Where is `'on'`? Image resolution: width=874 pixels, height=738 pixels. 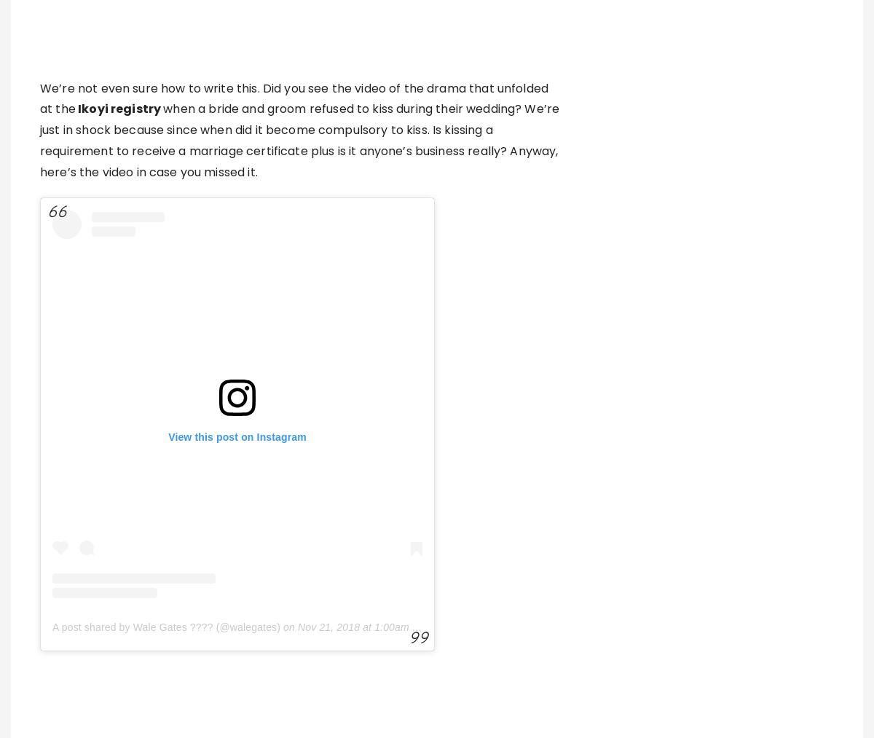
'on' is located at coordinates (288, 627).